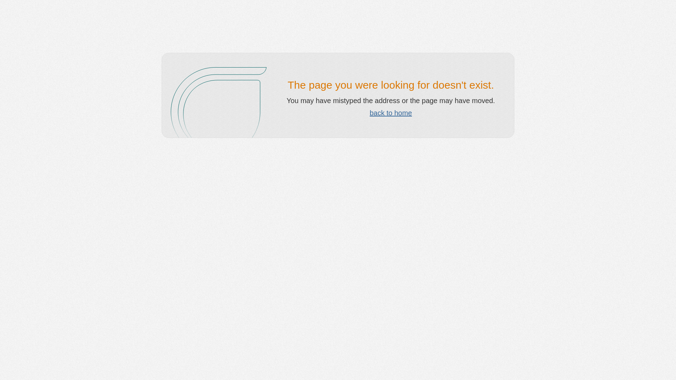 The image size is (676, 380). Describe the element at coordinates (369, 112) in the screenshot. I see `'back to home'` at that location.